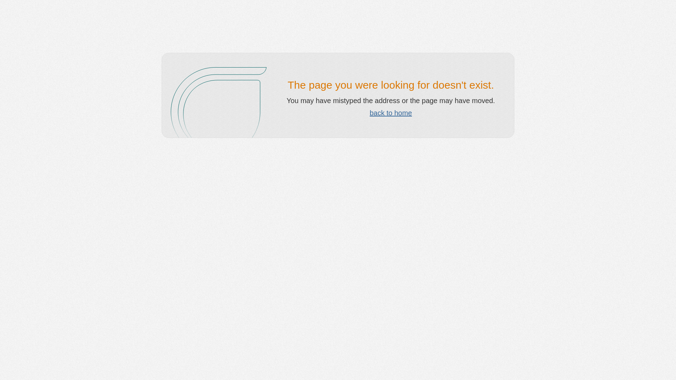 The image size is (676, 380). Describe the element at coordinates (369, 112) in the screenshot. I see `'back to home'` at that location.